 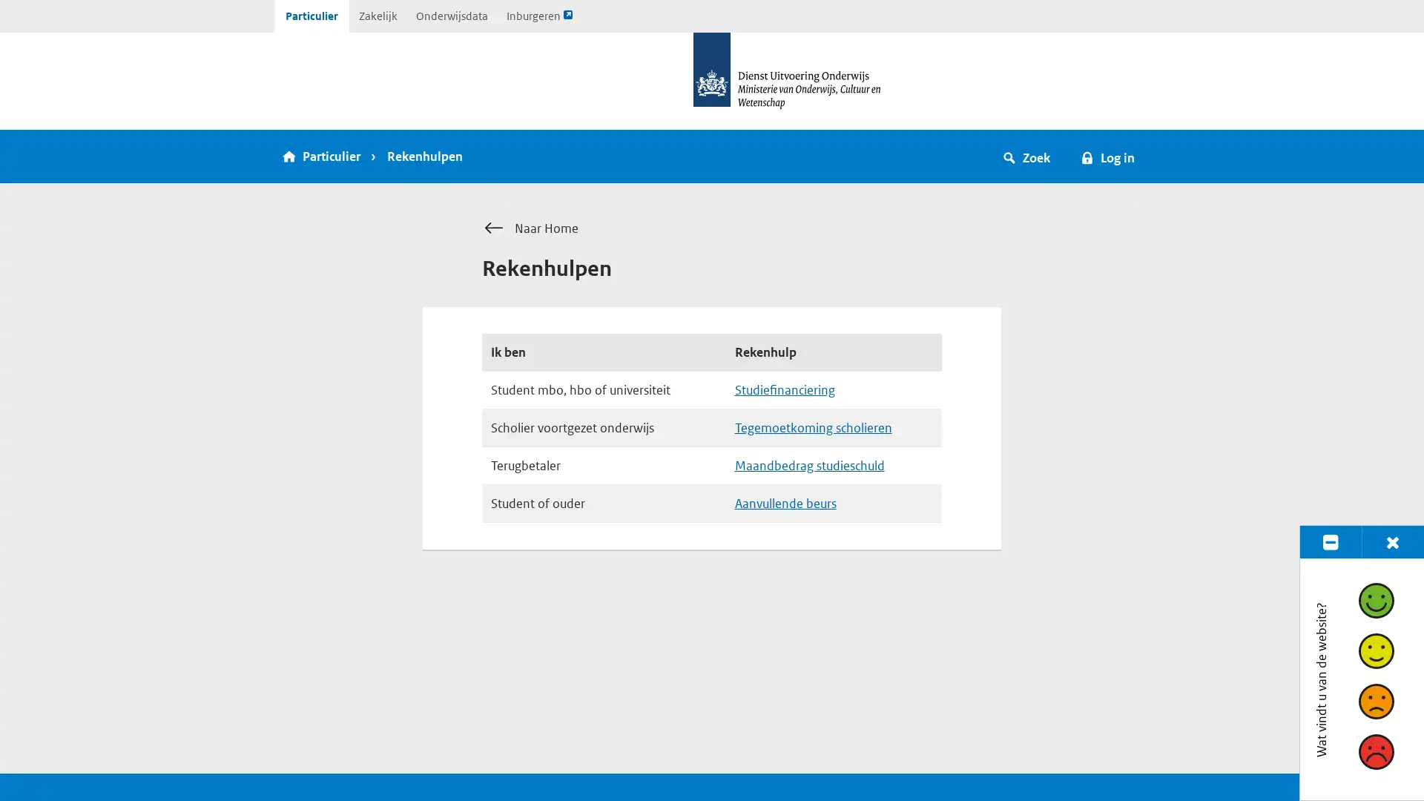 What do you see at coordinates (1374, 701) in the screenshot?
I see `Matig` at bounding box center [1374, 701].